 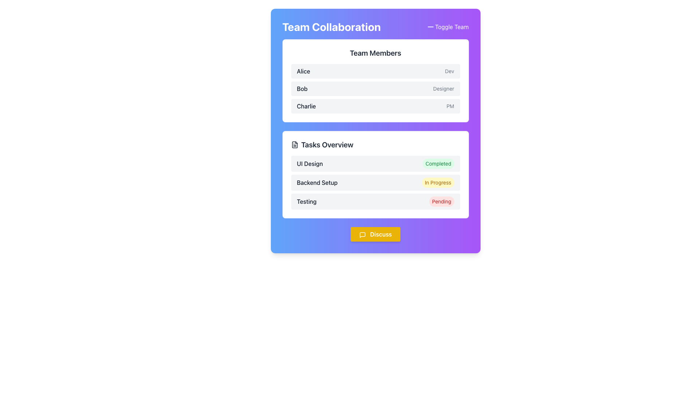 I want to click on the list item displaying 'Charlie' with the designation 'PM', which is the third entry in the team member list, so click(x=375, y=106).